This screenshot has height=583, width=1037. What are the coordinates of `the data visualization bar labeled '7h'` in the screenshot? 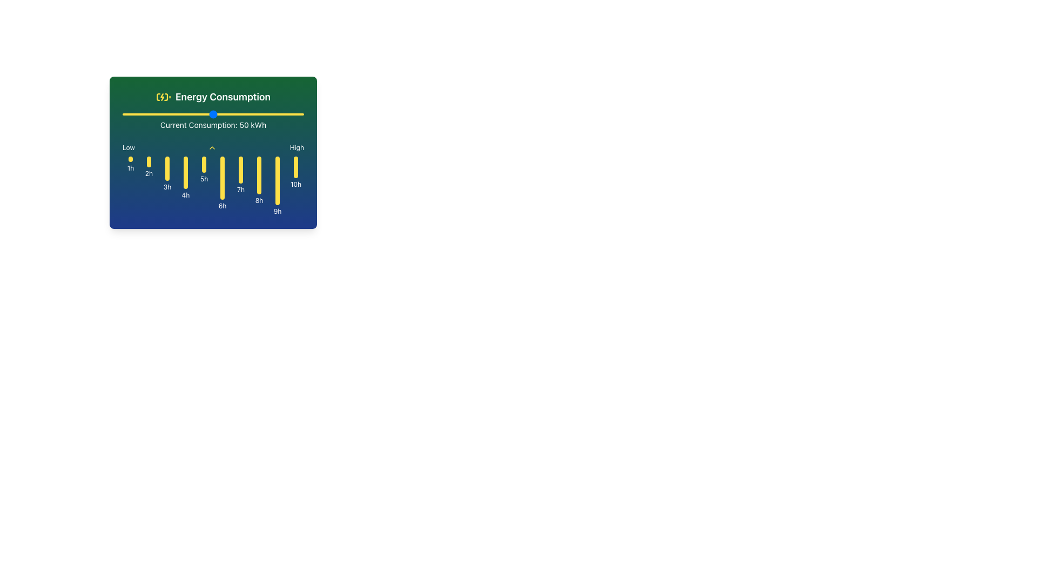 It's located at (240, 185).